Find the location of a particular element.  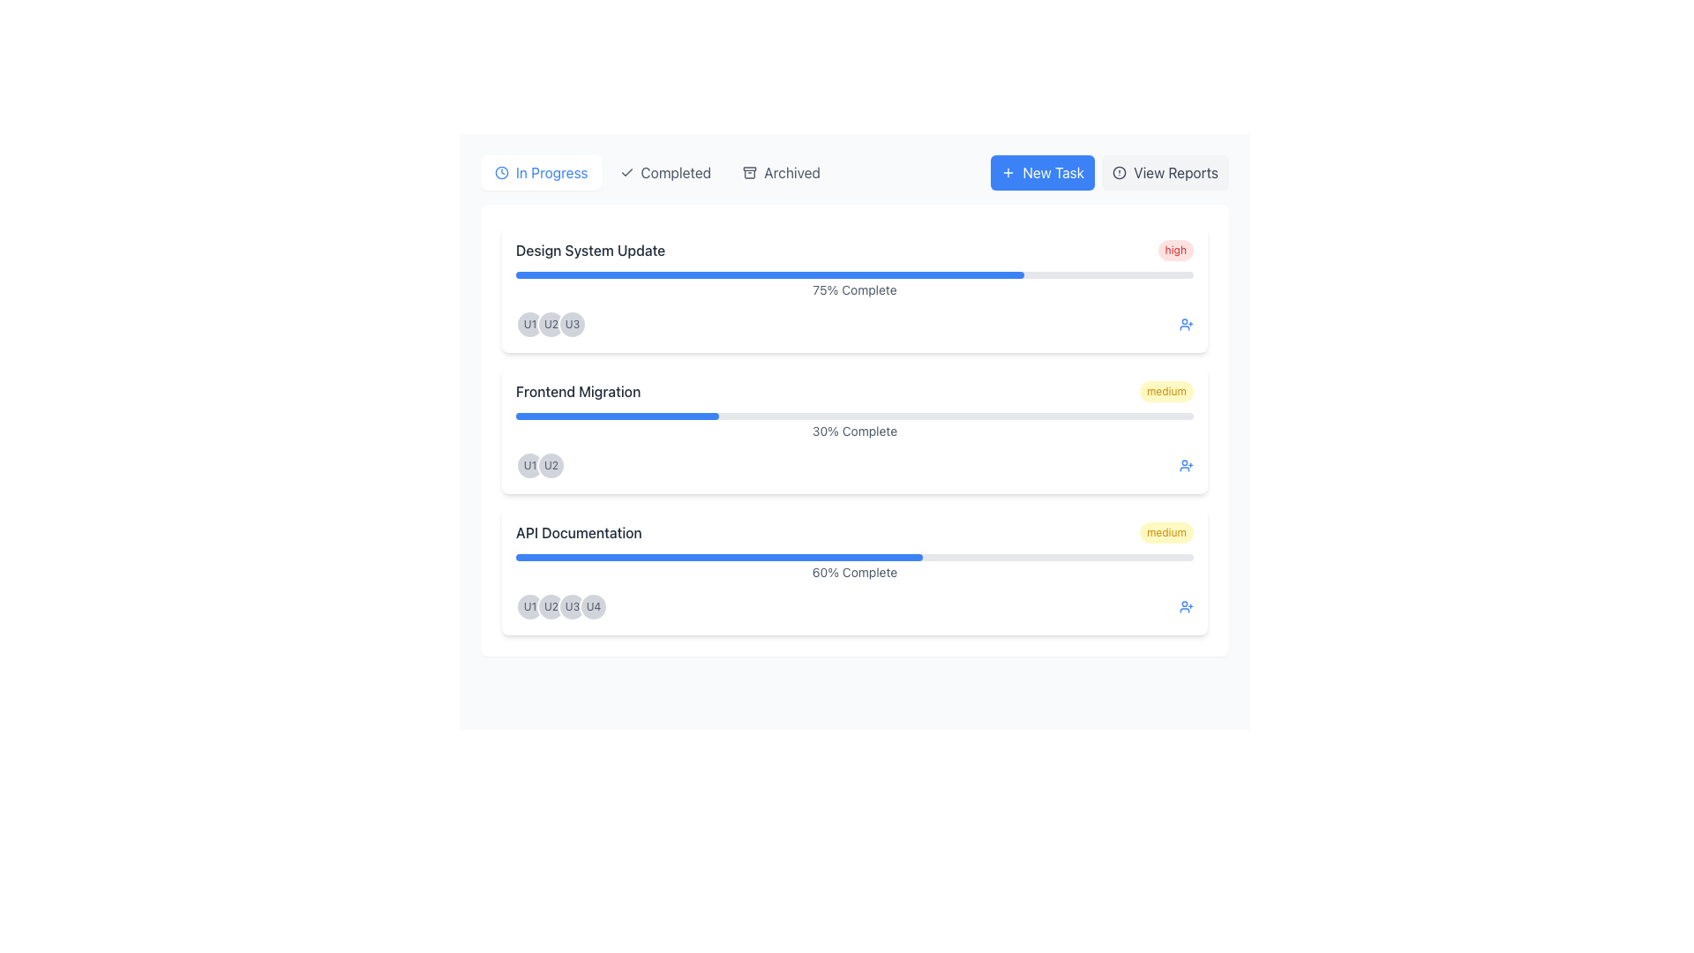

the blue user icon with a plus sign located is located at coordinates (1186, 324).